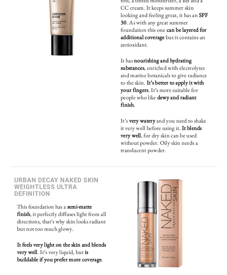 Image resolution: width=227 pixels, height=275 pixels. What do you see at coordinates (161, 131) in the screenshot?
I see `'It blends very well'` at bounding box center [161, 131].